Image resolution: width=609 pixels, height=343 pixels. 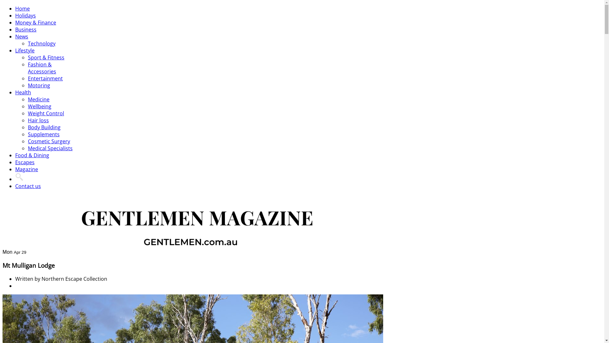 What do you see at coordinates (50, 148) in the screenshot?
I see `'Medical Specialists'` at bounding box center [50, 148].